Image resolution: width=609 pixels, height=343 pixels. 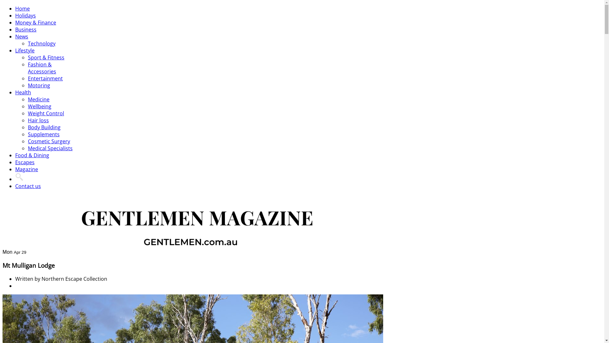 What do you see at coordinates (50, 148) in the screenshot?
I see `'Medical Specialists'` at bounding box center [50, 148].